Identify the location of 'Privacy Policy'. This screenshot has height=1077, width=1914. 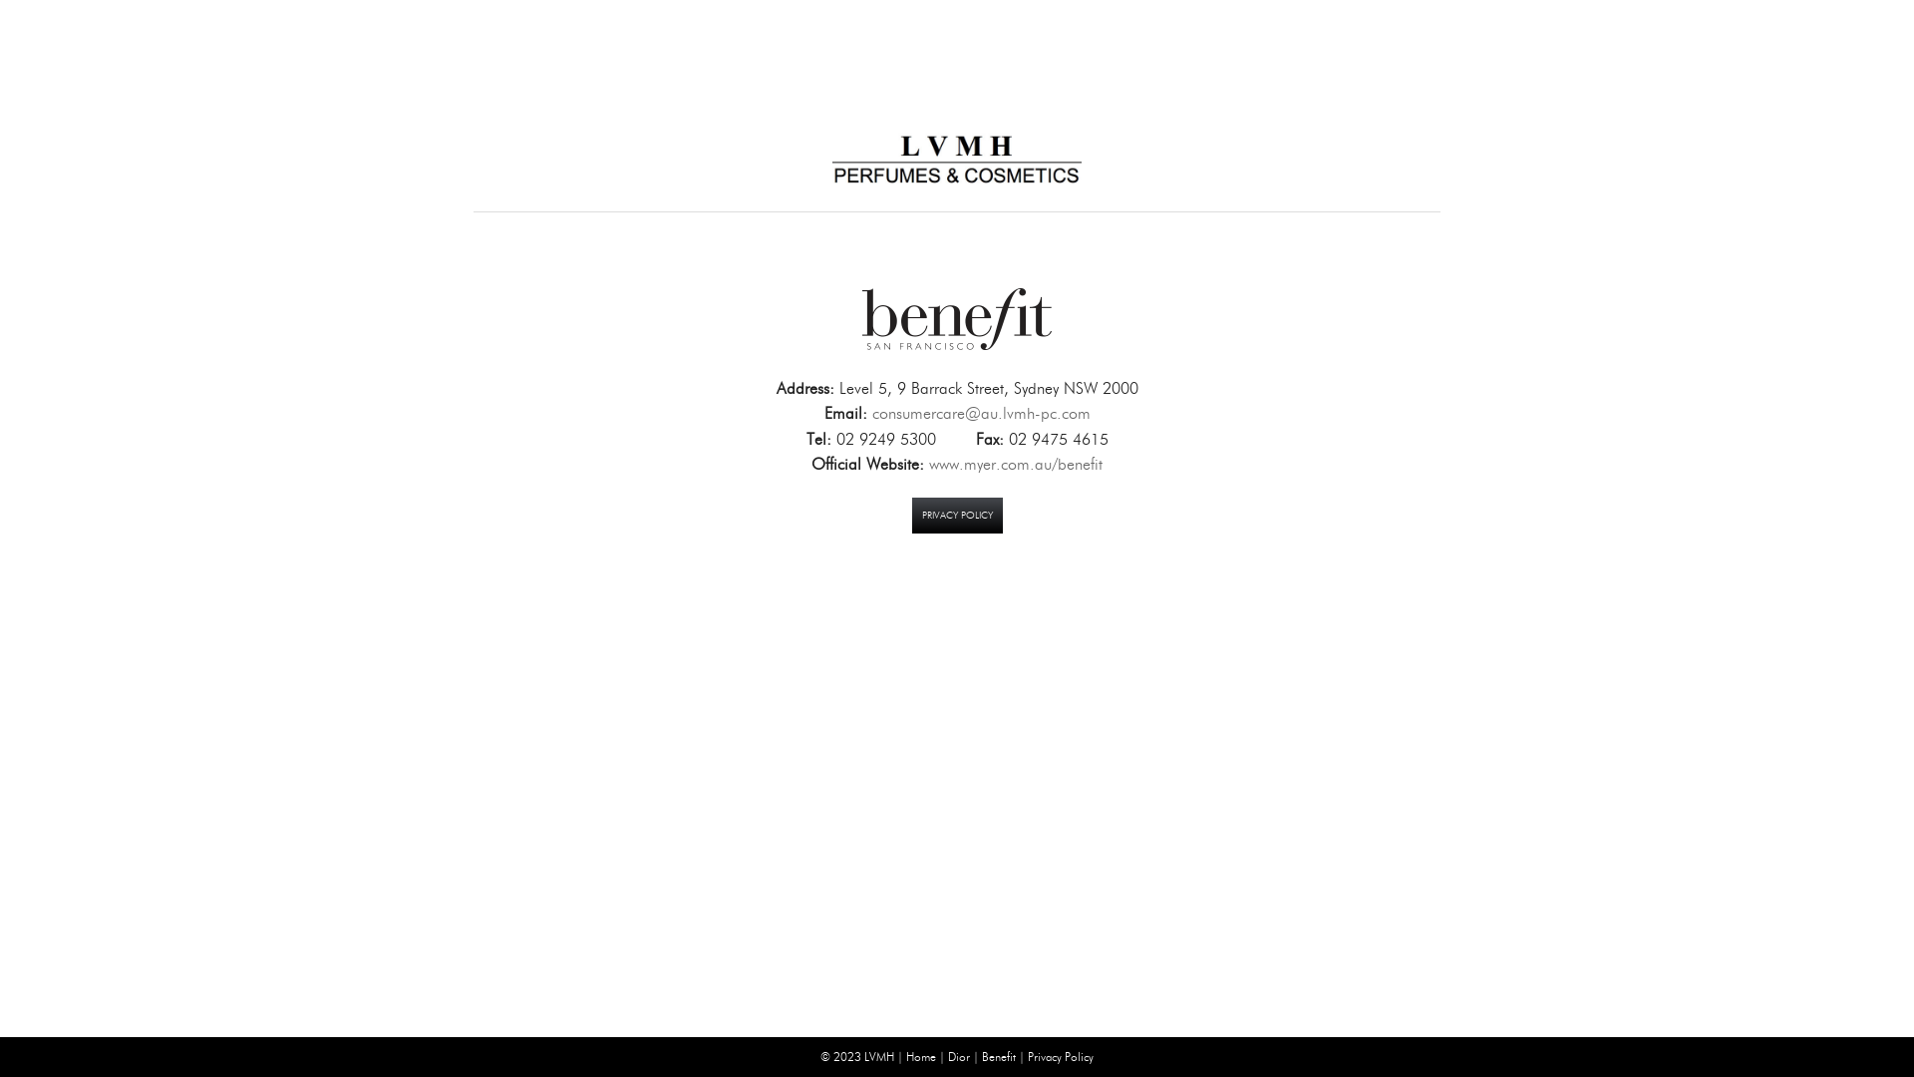
(1028, 1055).